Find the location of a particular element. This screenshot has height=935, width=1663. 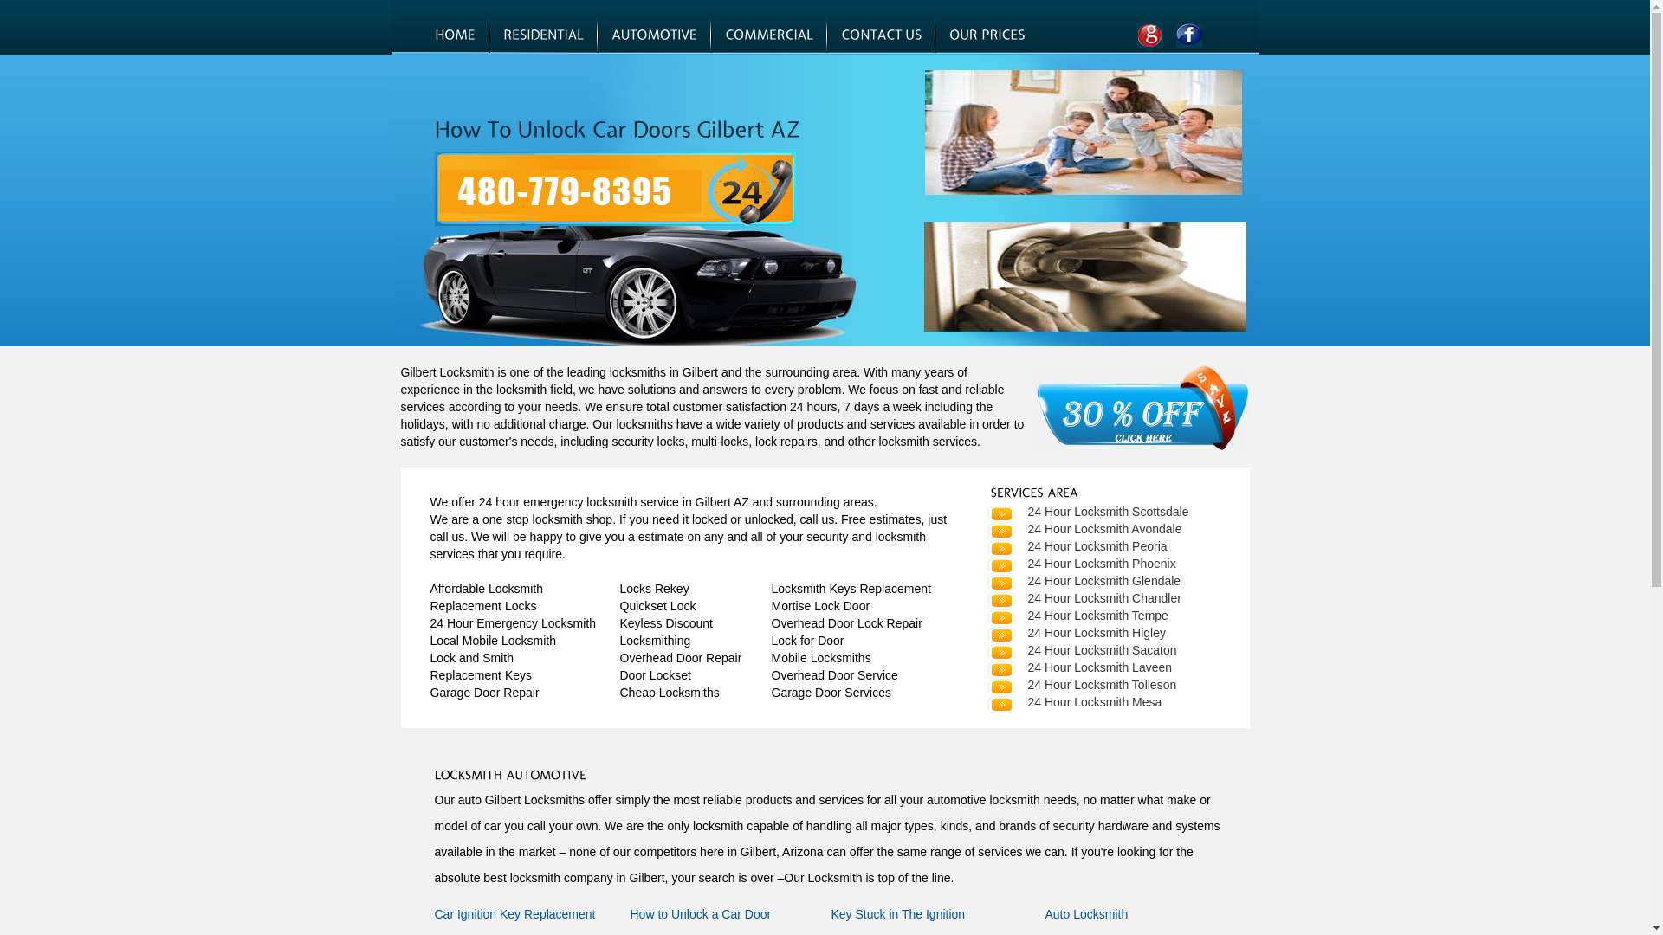

'Local Mobile Locksmith' is located at coordinates (492, 641).